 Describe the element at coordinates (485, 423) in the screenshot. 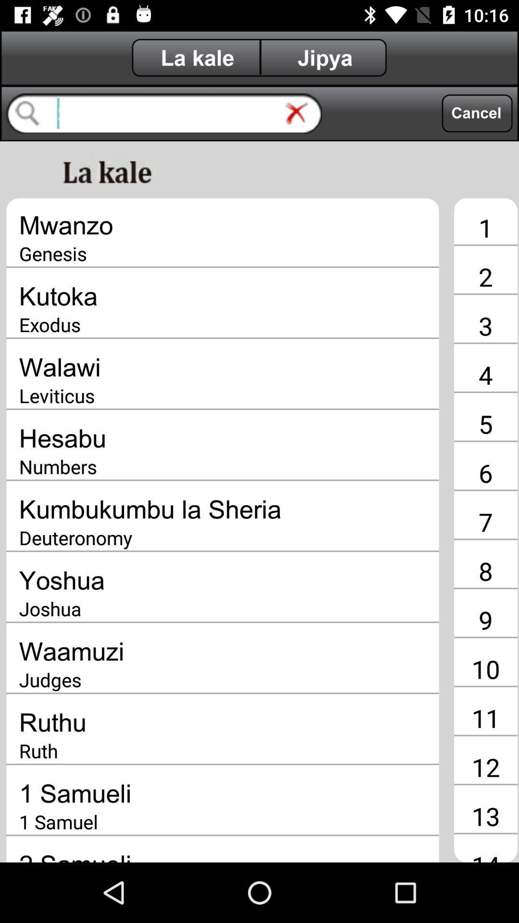

I see `5 icon` at that location.